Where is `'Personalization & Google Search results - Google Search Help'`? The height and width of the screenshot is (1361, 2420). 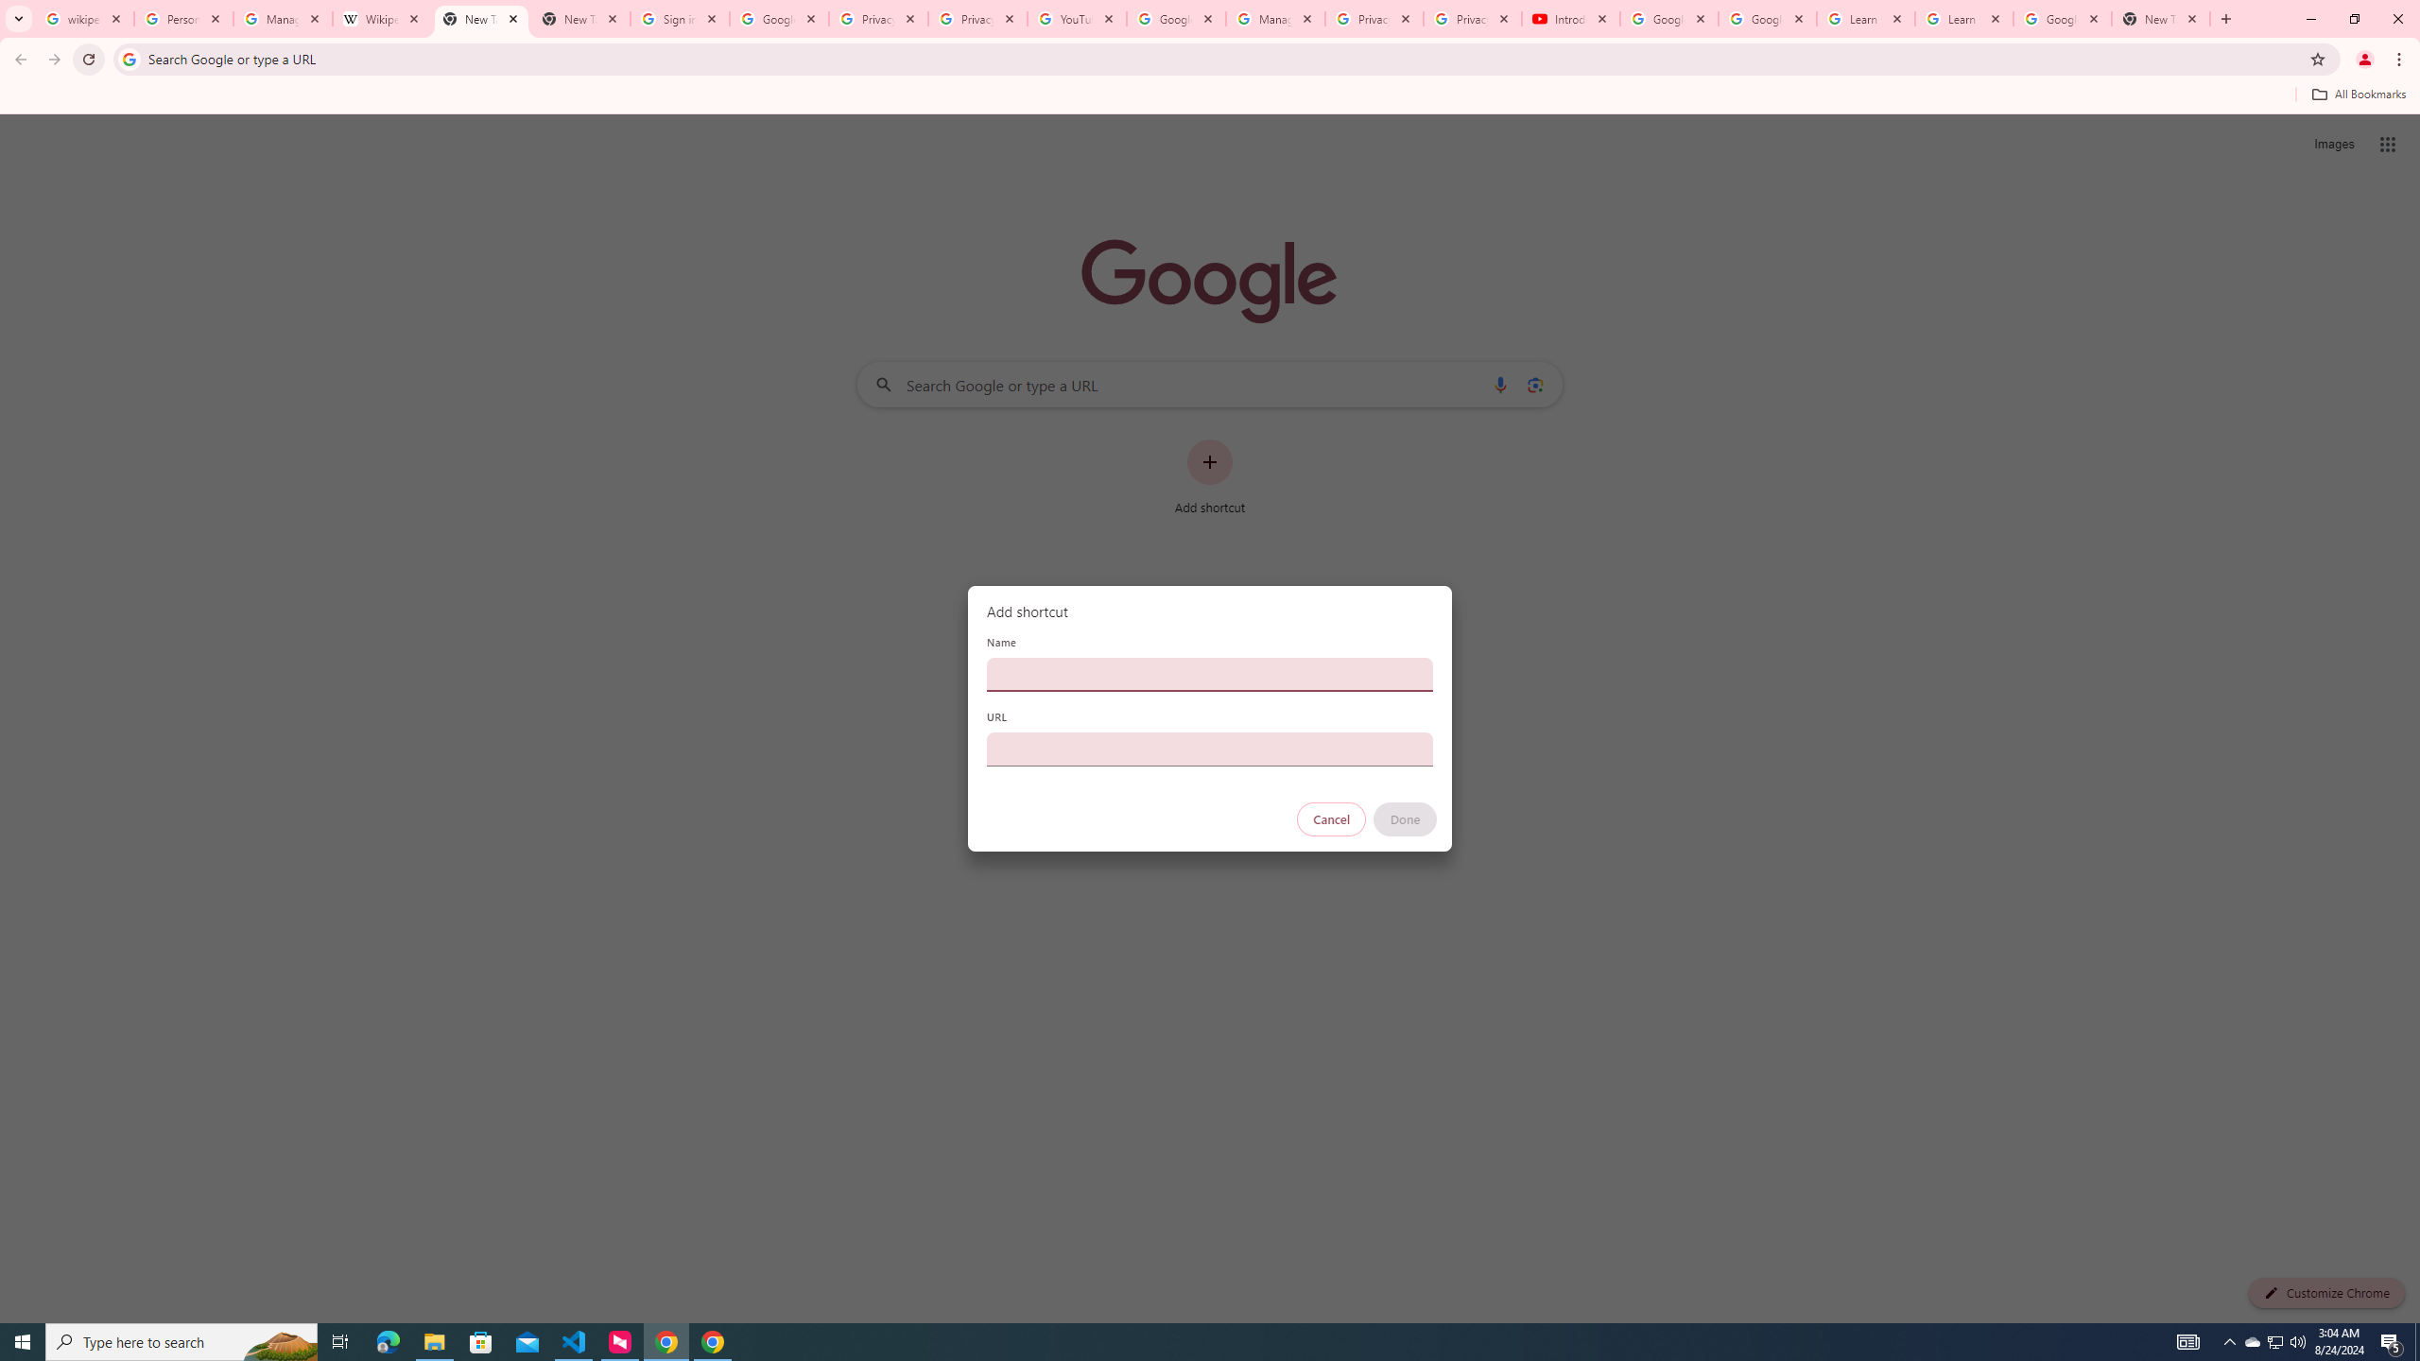
'Personalization & Google Search results - Google Search Help' is located at coordinates (182, 18).